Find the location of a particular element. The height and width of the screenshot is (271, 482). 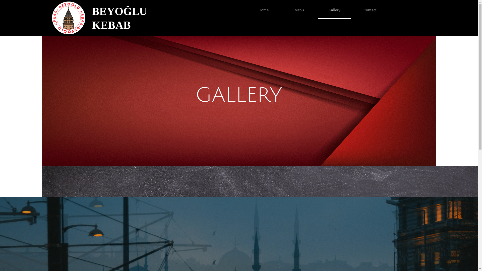

'Menu' is located at coordinates (275, 10).